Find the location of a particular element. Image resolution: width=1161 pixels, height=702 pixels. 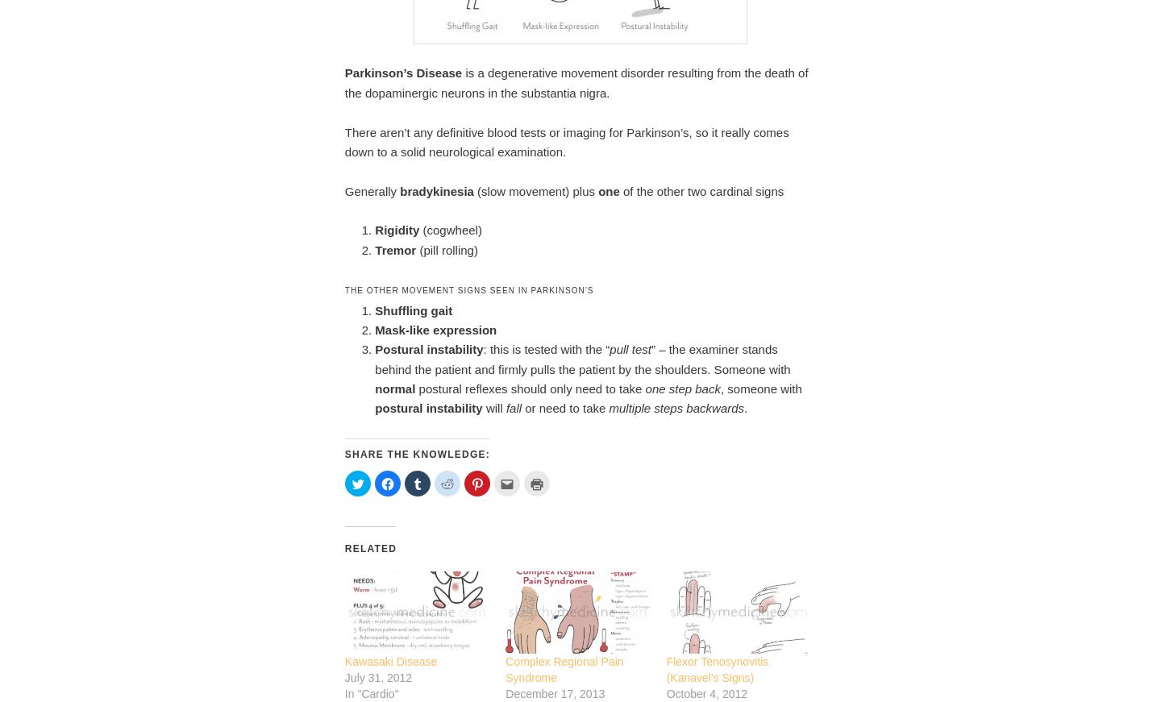

'There aren’t any definitive blood tests or imaging for Parkinson’s, so it really comes down to a solid neurological examination.' is located at coordinates (566, 141).